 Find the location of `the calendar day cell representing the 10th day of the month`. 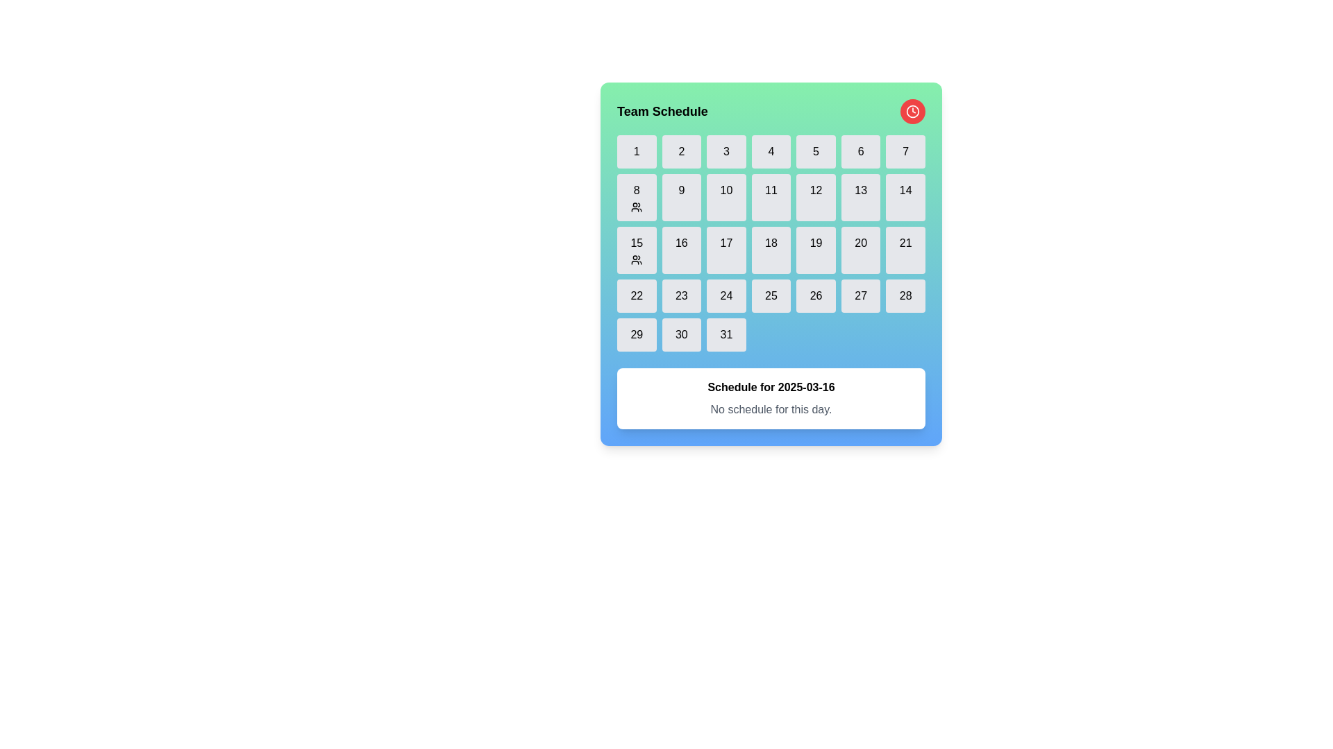

the calendar day cell representing the 10th day of the month is located at coordinates (726, 190).